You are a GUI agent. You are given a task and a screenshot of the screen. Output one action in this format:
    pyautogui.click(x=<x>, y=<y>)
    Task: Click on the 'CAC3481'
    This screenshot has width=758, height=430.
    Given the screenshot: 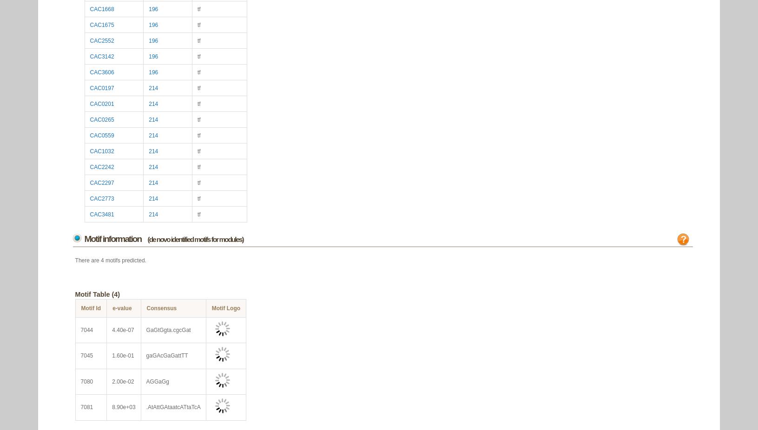 What is the action you would take?
    pyautogui.click(x=102, y=214)
    